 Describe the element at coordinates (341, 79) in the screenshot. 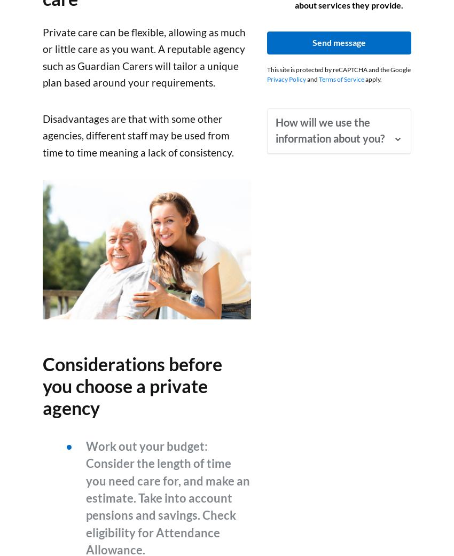

I see `'Terms of Service'` at that location.